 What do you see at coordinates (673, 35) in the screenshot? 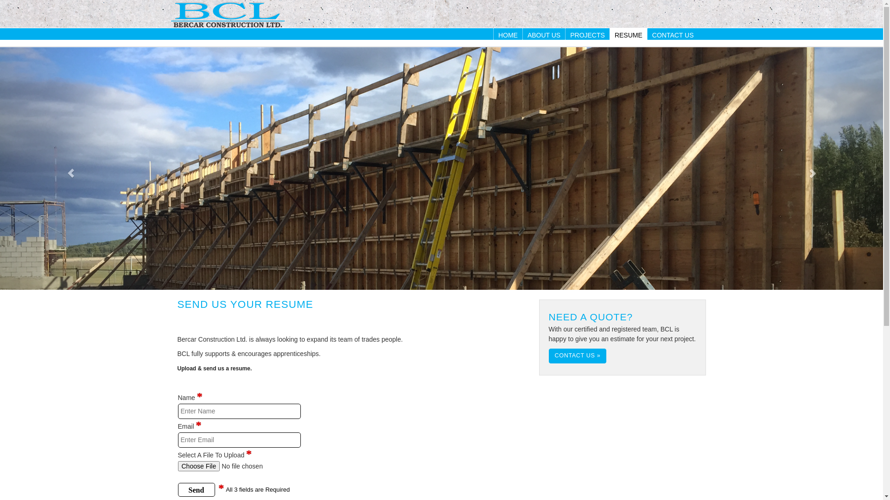
I see `'CONTACT US'` at bounding box center [673, 35].